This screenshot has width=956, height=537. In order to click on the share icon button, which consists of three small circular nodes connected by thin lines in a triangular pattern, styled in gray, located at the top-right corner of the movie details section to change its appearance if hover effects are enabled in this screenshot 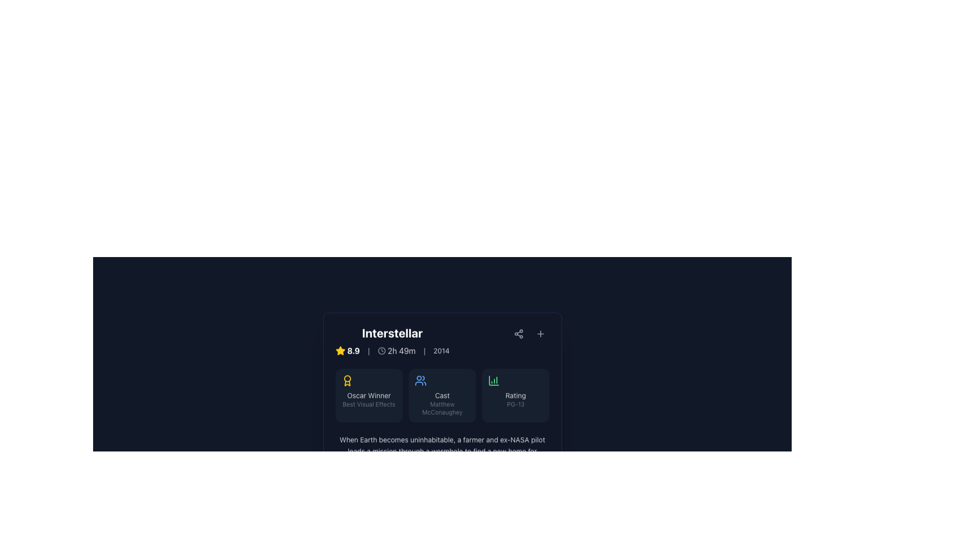, I will do `click(518, 334)`.